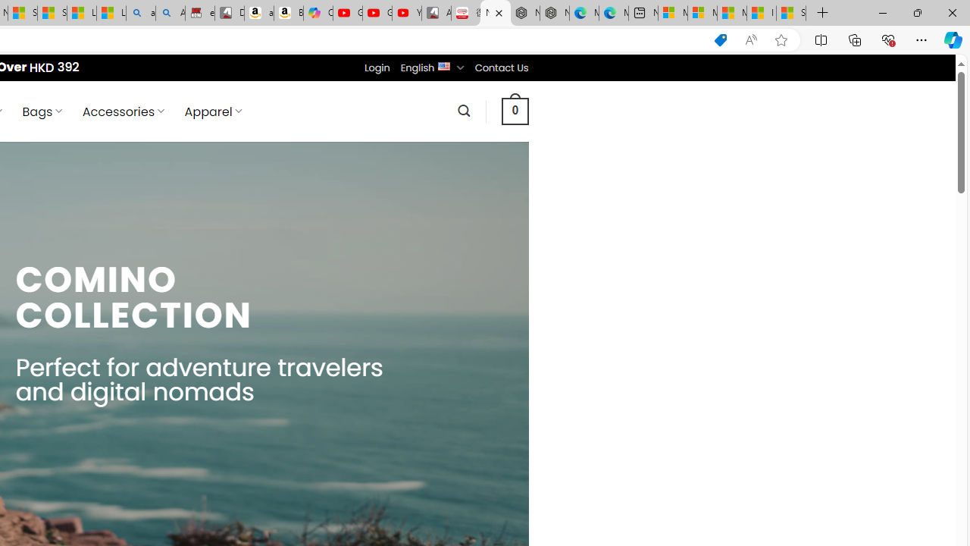  I want to click on 'amazon.in/dp/B0CX59H5W7/?tag=gsmcom05-21', so click(258, 13).